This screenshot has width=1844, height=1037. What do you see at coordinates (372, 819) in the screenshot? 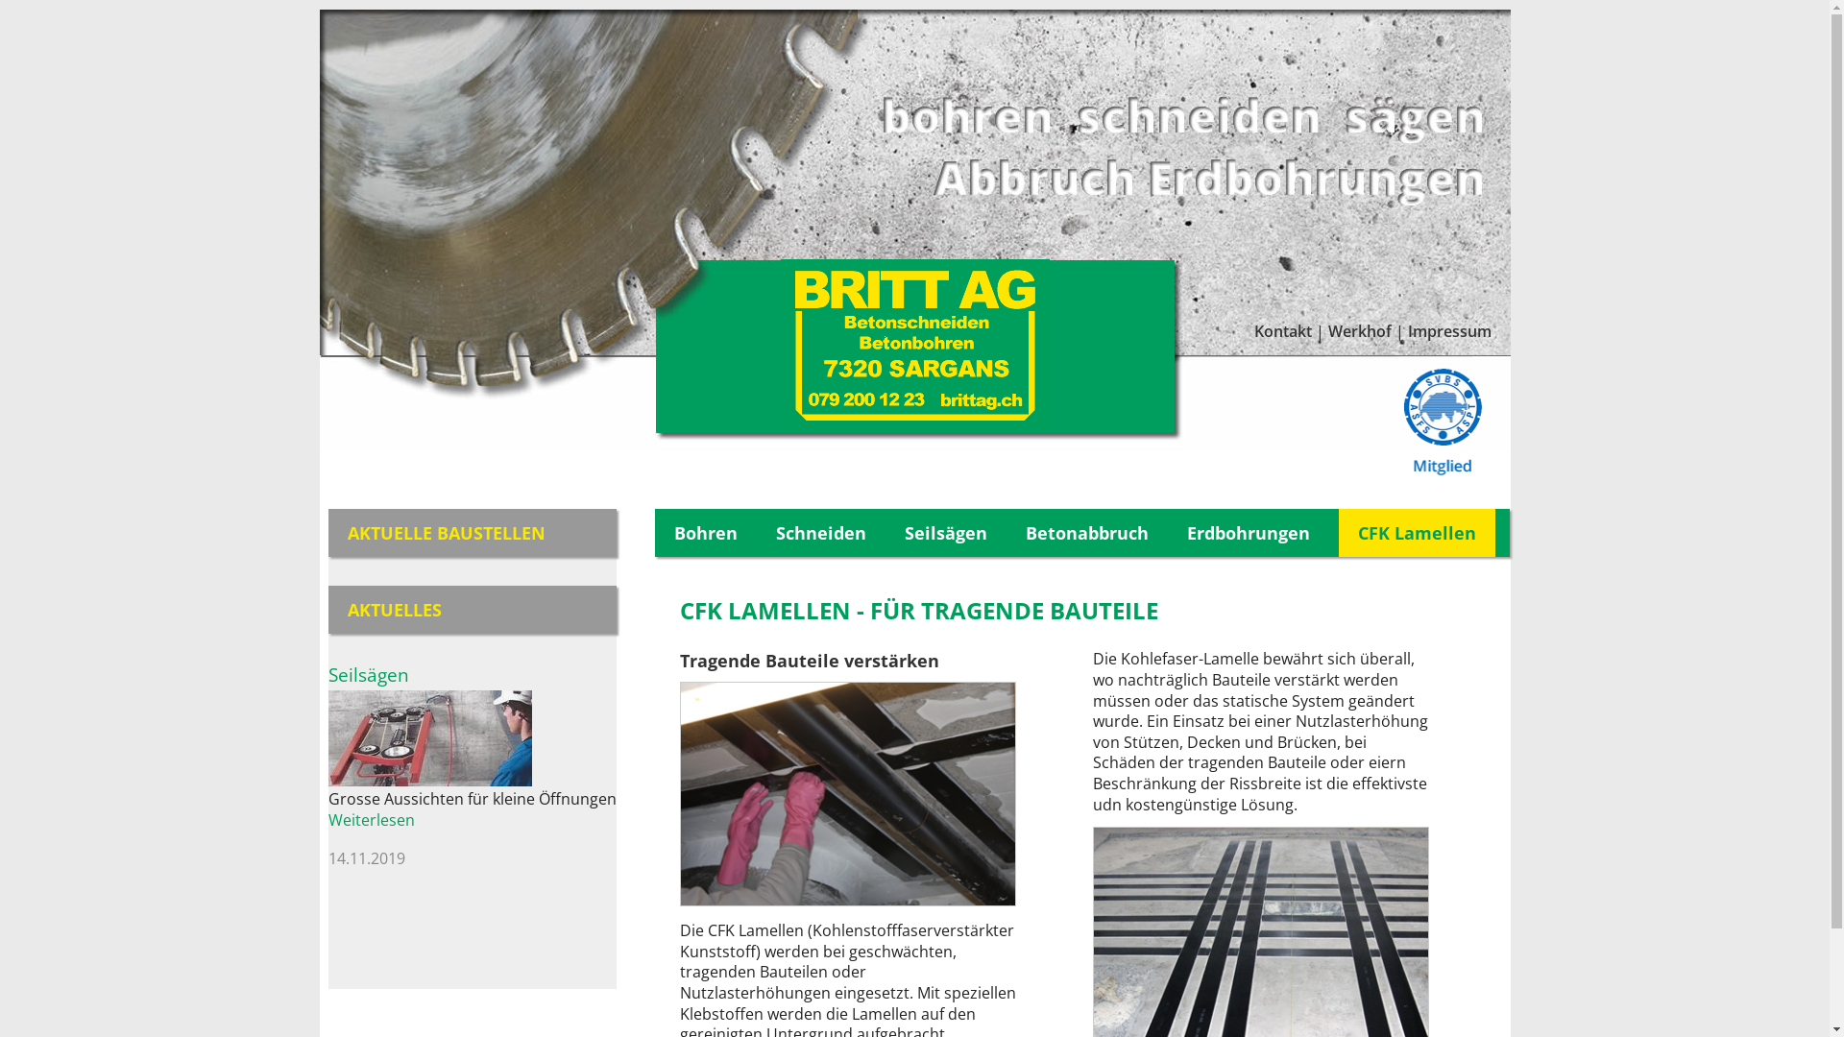
I see `'Weiterlesen'` at bounding box center [372, 819].